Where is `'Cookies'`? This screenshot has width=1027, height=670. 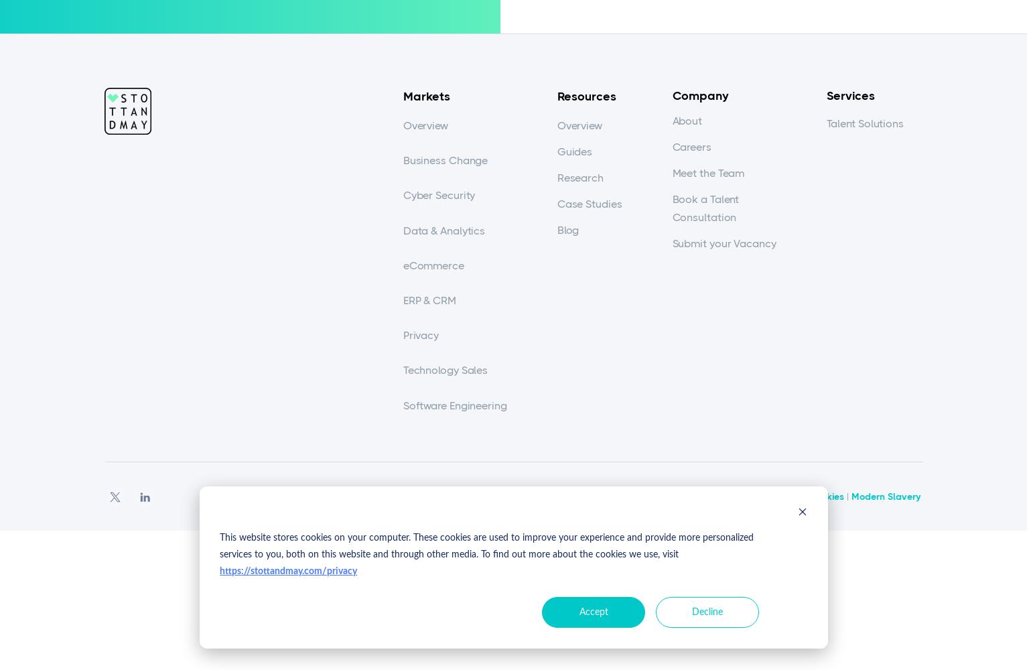 'Cookies' is located at coordinates (807, 495).